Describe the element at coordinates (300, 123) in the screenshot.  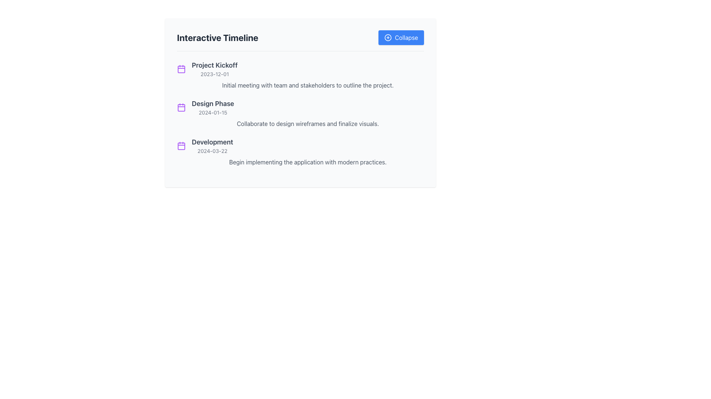
I see `descriptive text located directly beneath the 'Design Phase' header in the timeline, which provides details about the 'Design Phase'` at that location.